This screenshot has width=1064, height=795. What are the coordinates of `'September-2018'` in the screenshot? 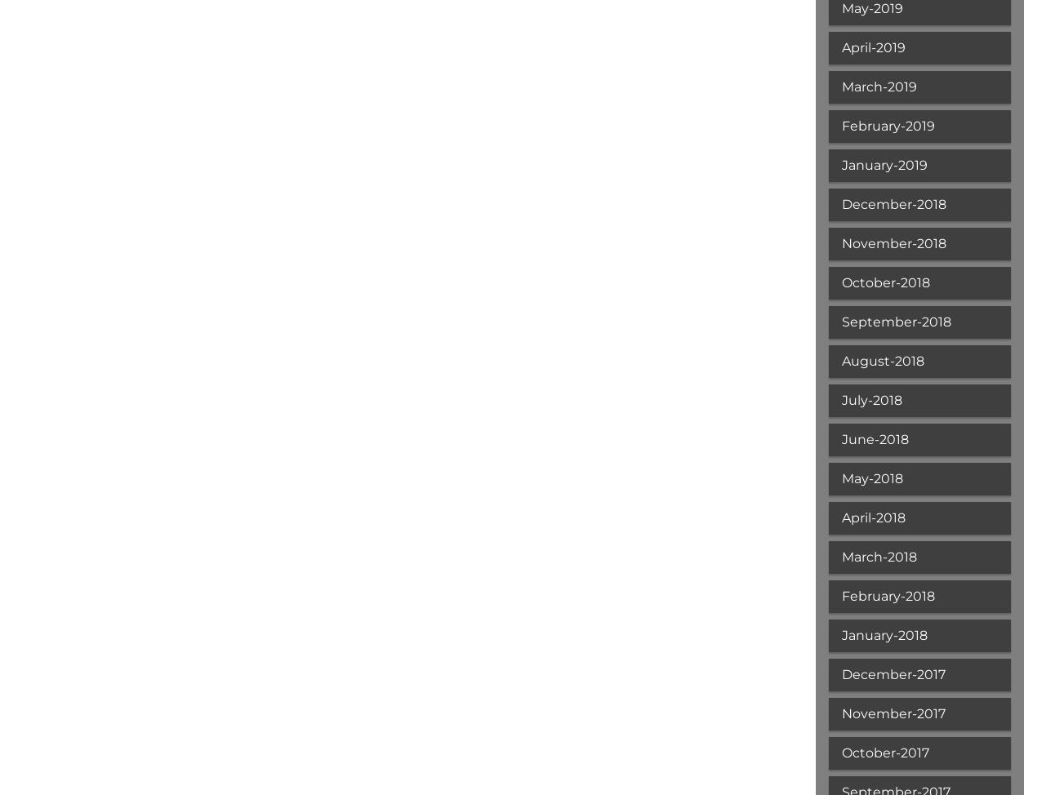 It's located at (894, 322).